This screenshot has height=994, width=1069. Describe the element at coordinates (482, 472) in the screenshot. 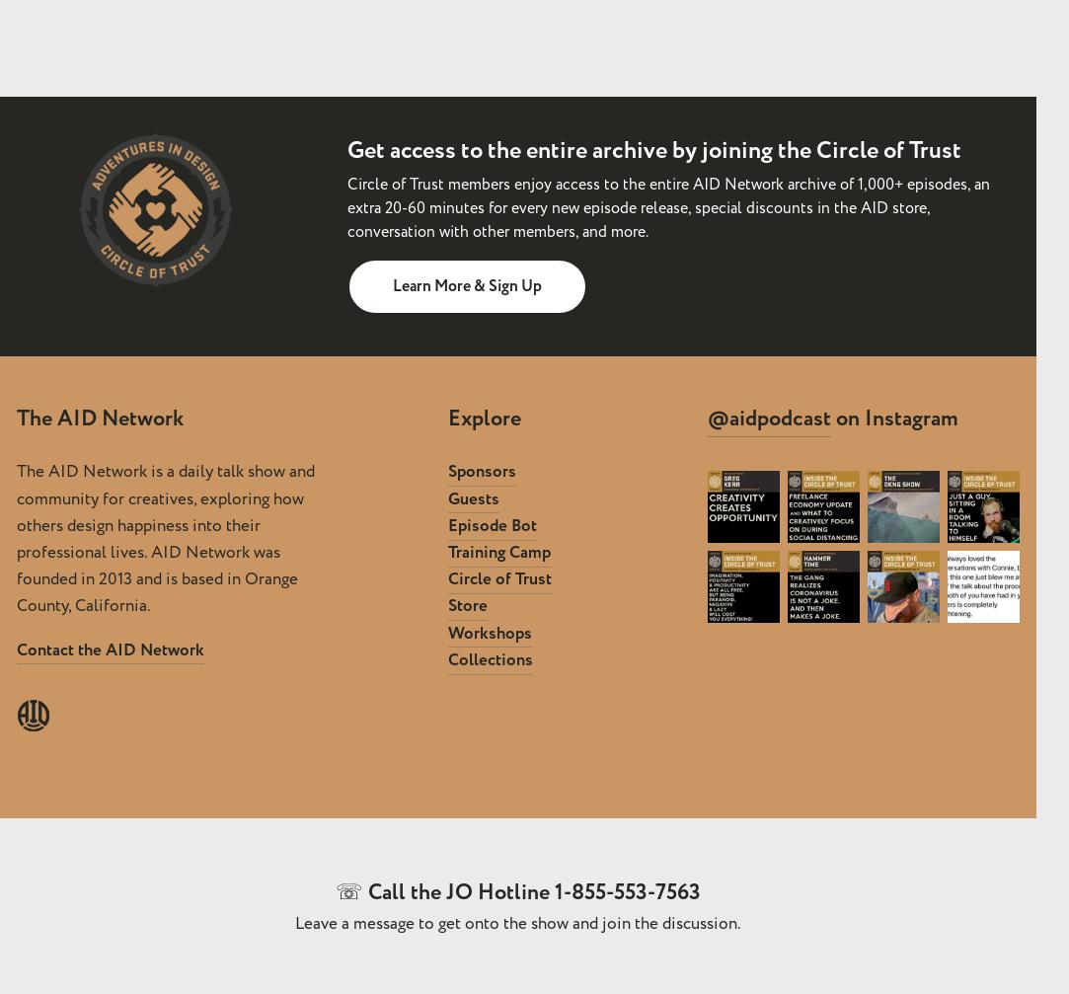

I see `'Sponsors'` at that location.